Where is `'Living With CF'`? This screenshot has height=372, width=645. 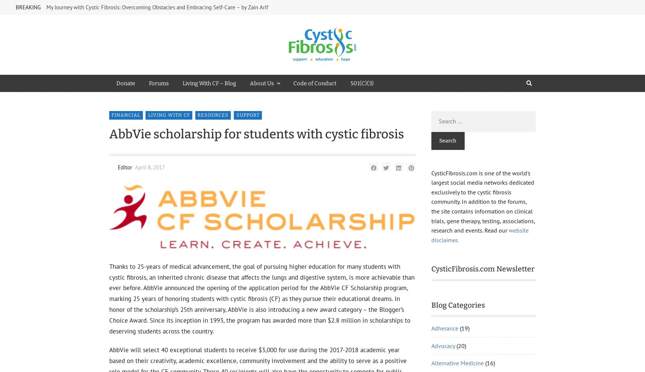 'Living With CF' is located at coordinates (449, 267).